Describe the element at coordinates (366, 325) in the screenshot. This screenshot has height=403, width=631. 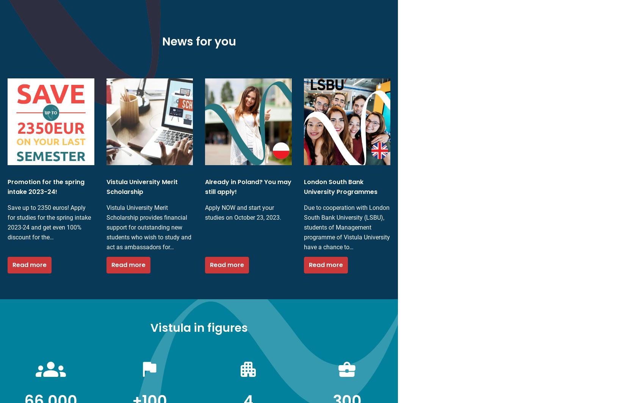
I see `'Accept'` at that location.